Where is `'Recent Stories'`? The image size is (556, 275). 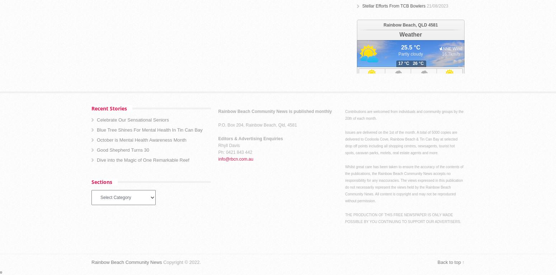 'Recent Stories' is located at coordinates (109, 108).